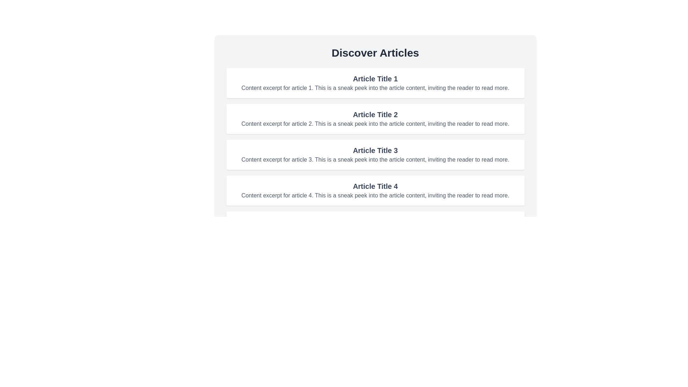  I want to click on the fourth Content Card in the vertical list to read more about the article, so click(375, 190).